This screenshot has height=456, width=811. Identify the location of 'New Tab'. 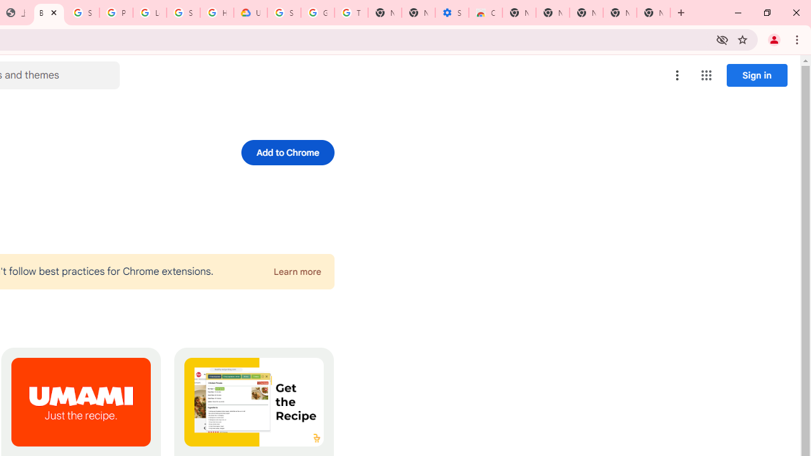
(653, 13).